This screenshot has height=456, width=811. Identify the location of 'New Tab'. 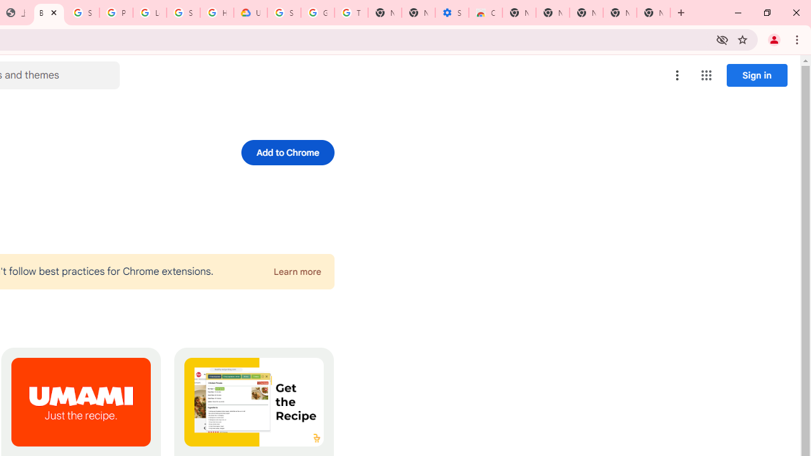
(653, 13).